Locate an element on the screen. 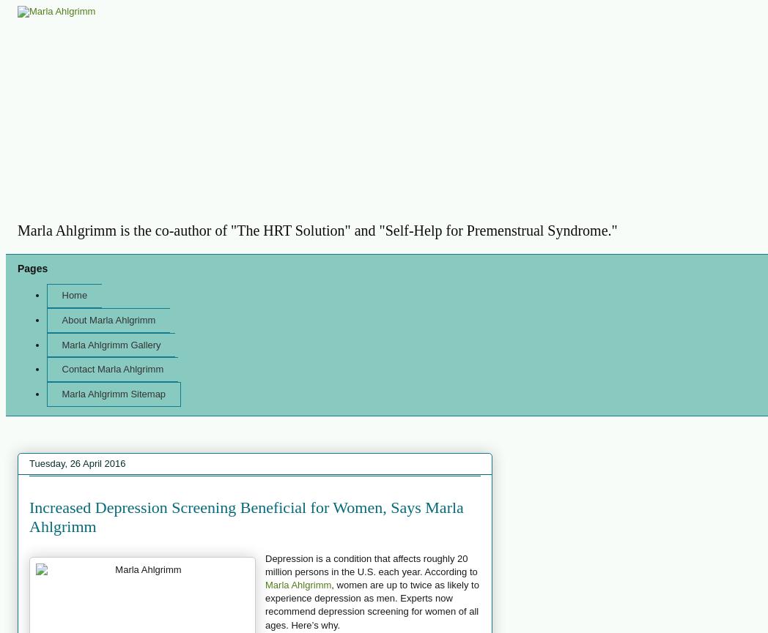  ', women are up to twice as likely to experience depression as men. Experts now recommend depression screening for women of all ages. Here’s why.' is located at coordinates (372, 603).